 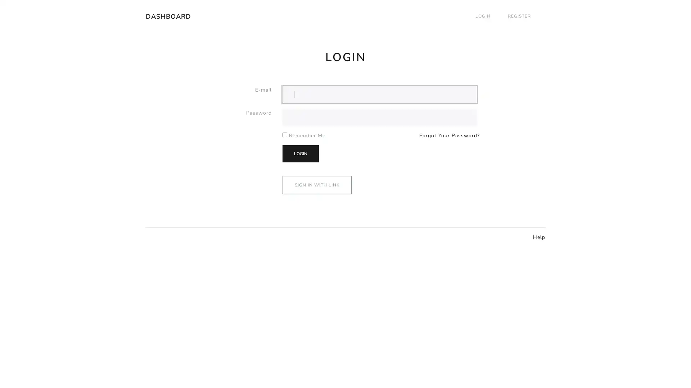 What do you see at coordinates (301, 153) in the screenshot?
I see `LOGIN` at bounding box center [301, 153].